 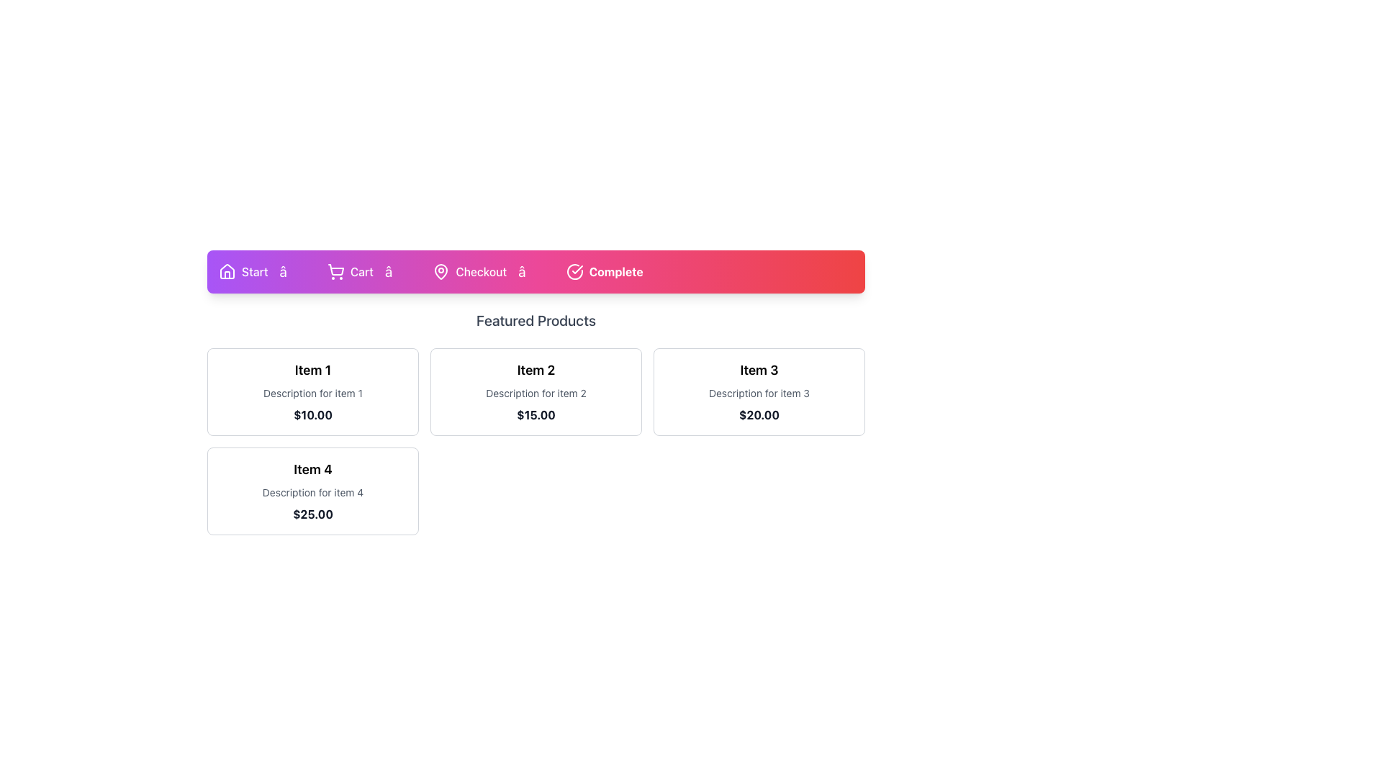 I want to click on the Status indicator located at the rightmost end of the navigation bar, following the 'Checkout' item, to visually check the process completion status, so click(x=605, y=272).